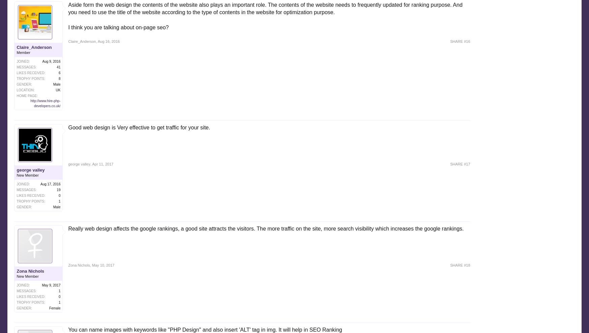 This screenshot has width=589, height=333. Describe the element at coordinates (97, 41) in the screenshot. I see `'Aug 16, 2016'` at that location.